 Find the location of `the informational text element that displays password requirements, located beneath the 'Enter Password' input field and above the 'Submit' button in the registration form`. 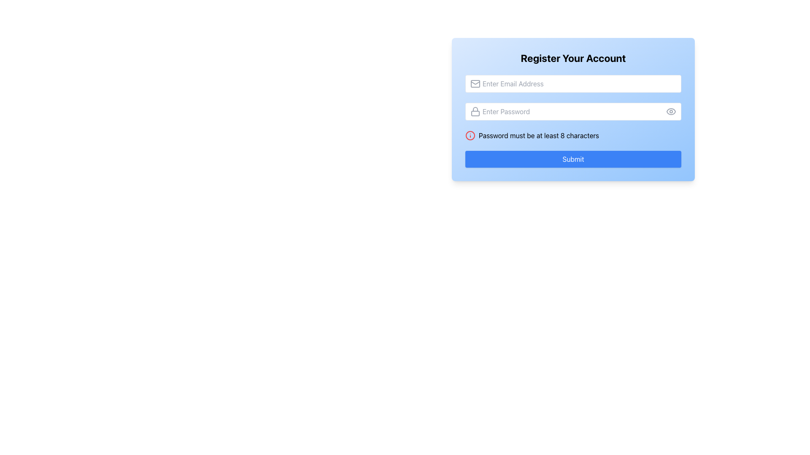

the informational text element that displays password requirements, located beneath the 'Enter Password' input field and above the 'Submit' button in the registration form is located at coordinates (573, 135).